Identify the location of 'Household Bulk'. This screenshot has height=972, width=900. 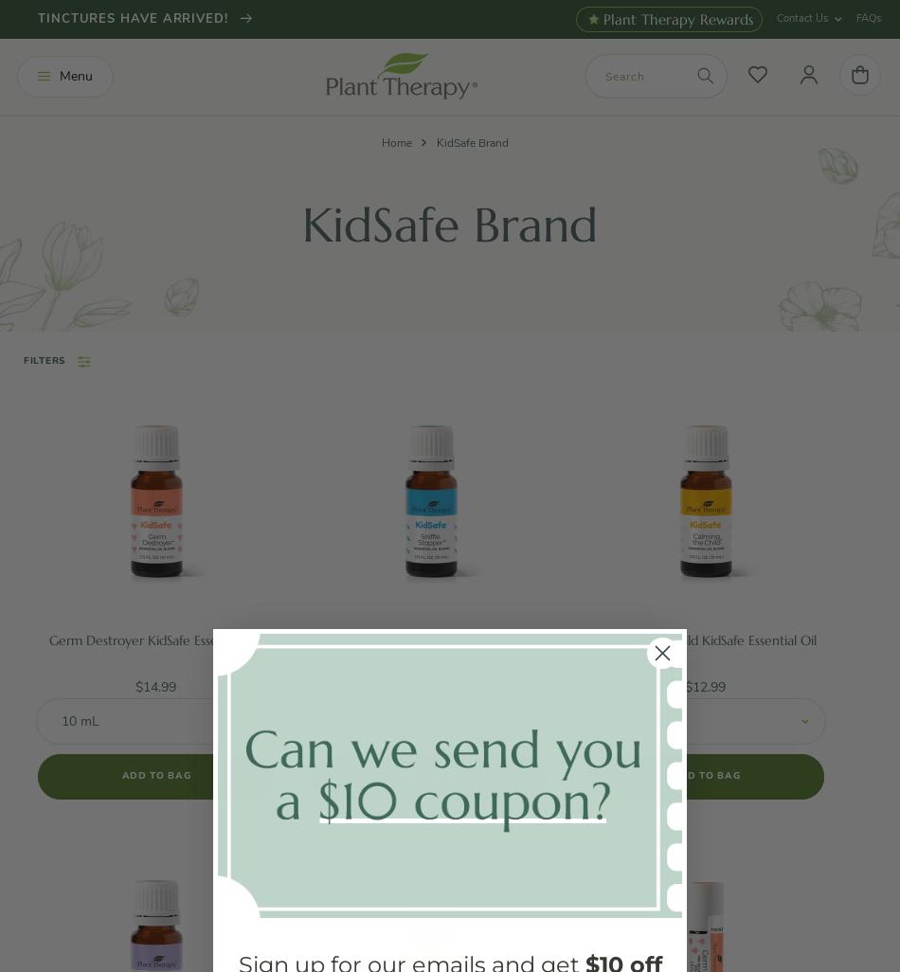
(59, 580).